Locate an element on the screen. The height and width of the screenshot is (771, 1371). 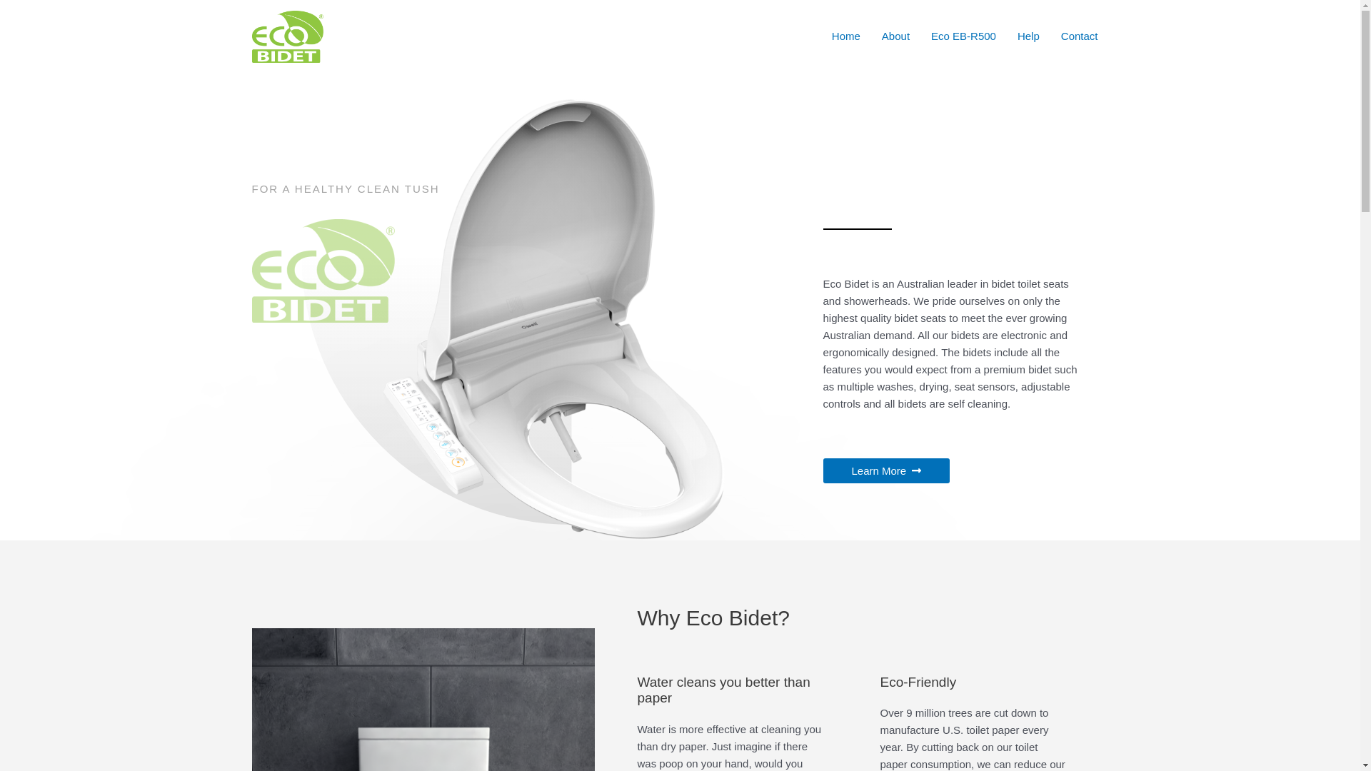
'About' is located at coordinates (895, 35).